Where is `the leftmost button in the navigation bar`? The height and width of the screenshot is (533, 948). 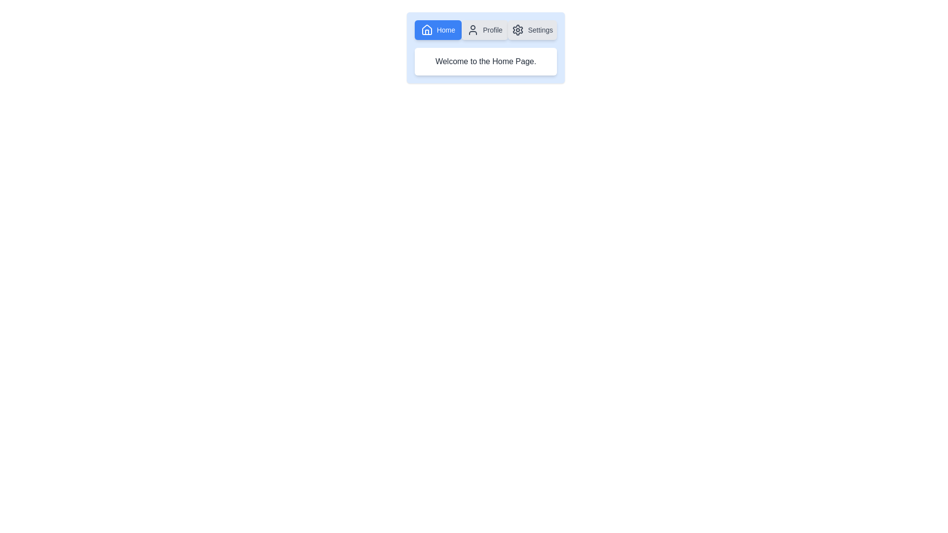
the leftmost button in the navigation bar is located at coordinates (437, 30).